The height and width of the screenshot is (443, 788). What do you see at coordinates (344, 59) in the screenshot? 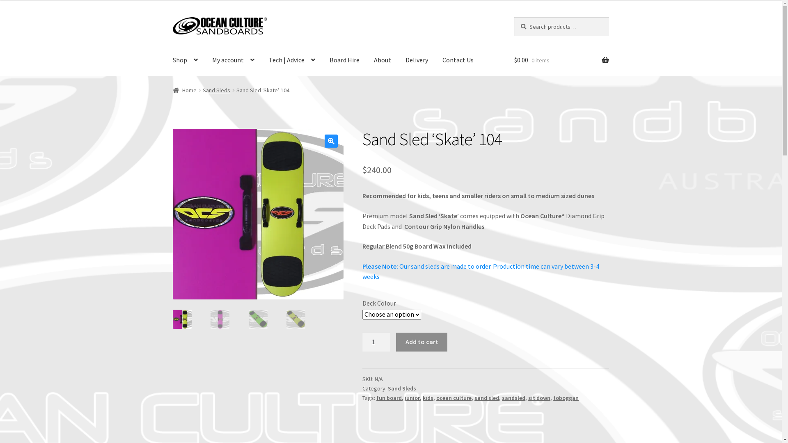
I see `'Board Hire'` at bounding box center [344, 59].